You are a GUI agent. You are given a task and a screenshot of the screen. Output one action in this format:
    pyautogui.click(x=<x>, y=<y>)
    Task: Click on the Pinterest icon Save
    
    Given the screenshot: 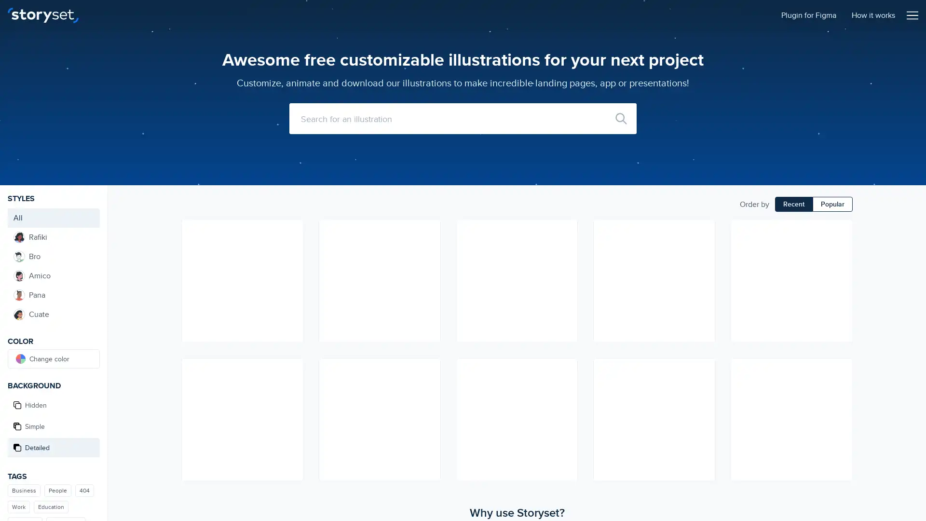 What is the action you would take?
    pyautogui.click(x=840, y=266)
    